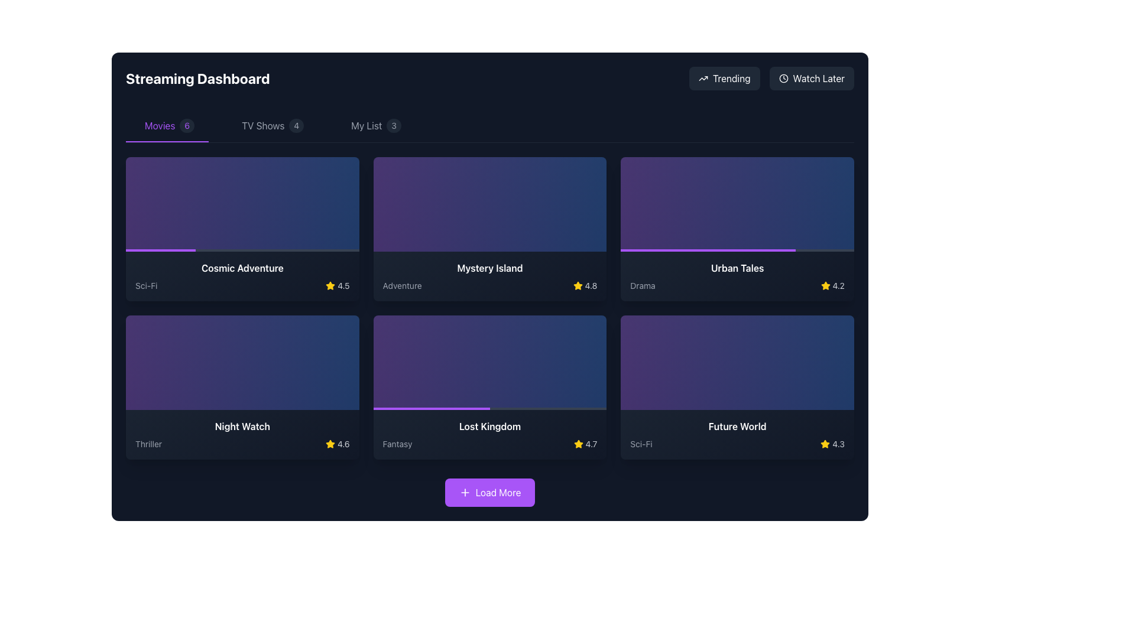 Image resolution: width=1135 pixels, height=638 pixels. I want to click on the decorative banner of the 'Lost Kingdom' card, which is located in the second row and third column of the grid on the Streaming Dashboard, directly above the title 'Lost Kingdom', so click(490, 362).